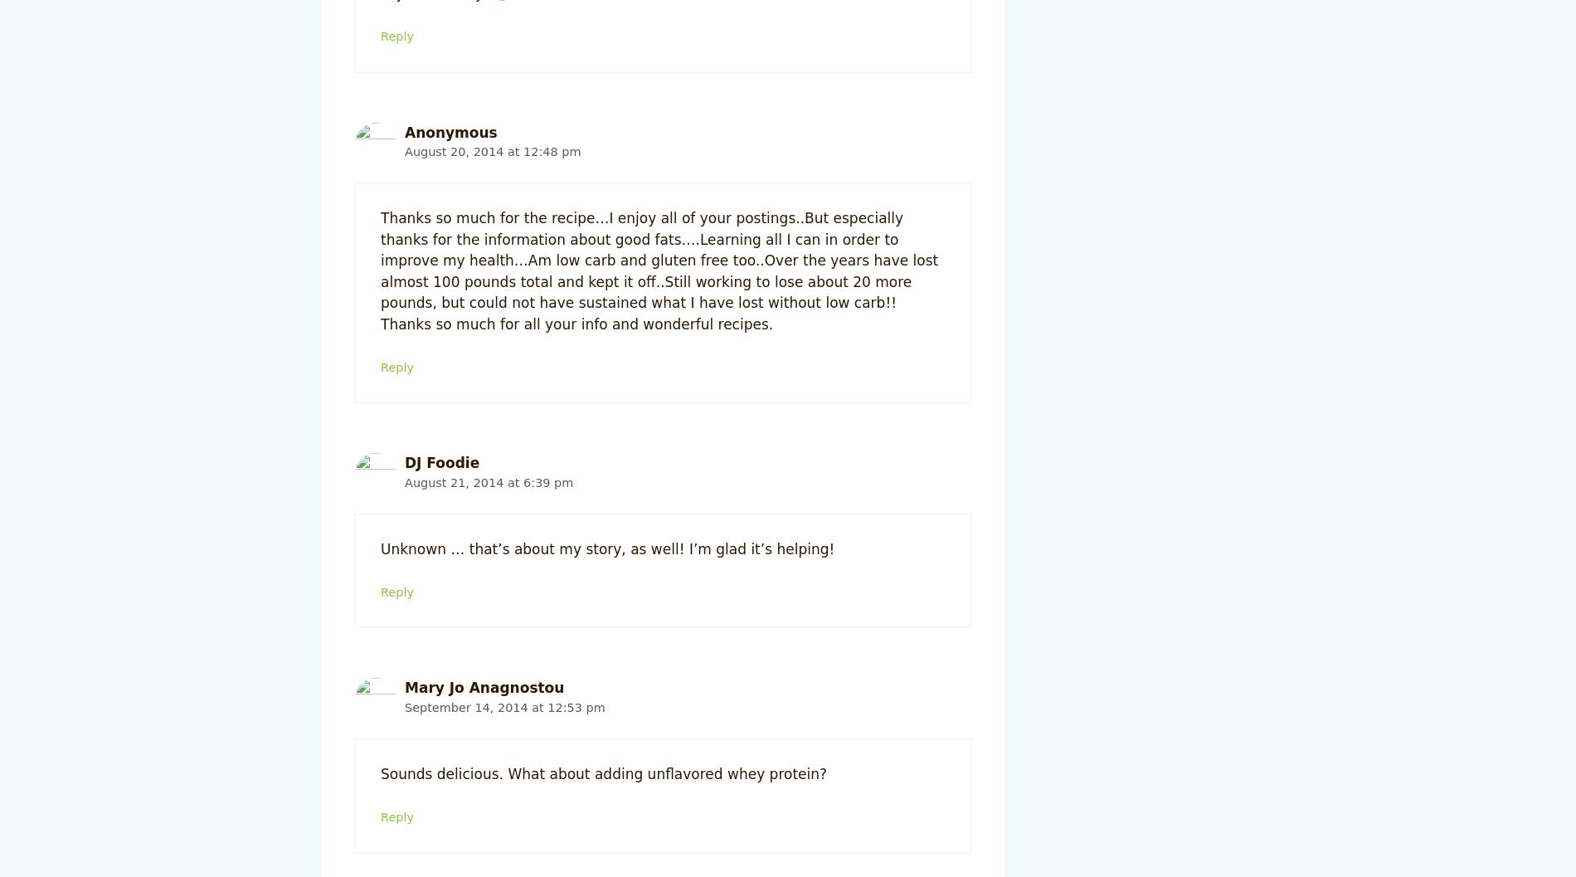  I want to click on 'Sounds delicious.  What about adding unflavored whey protein?', so click(380, 774).